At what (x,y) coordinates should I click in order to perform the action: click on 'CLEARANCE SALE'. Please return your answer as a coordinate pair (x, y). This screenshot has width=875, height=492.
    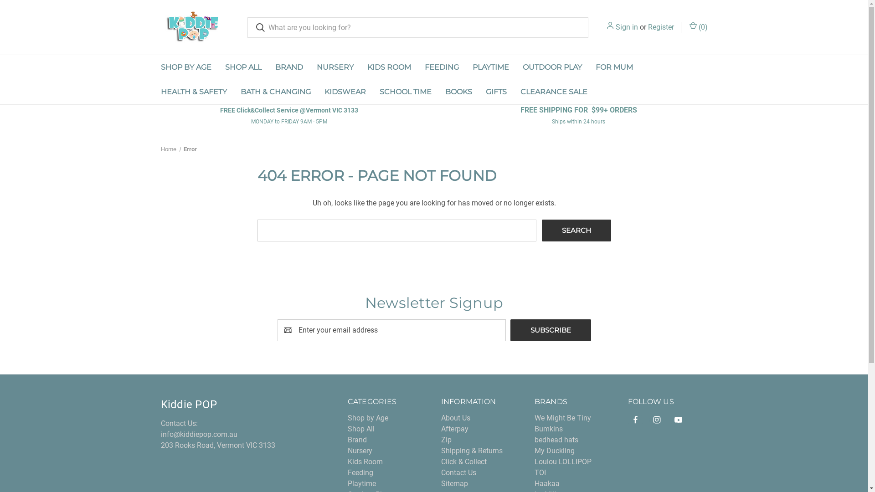
    Looking at the image, I should click on (553, 92).